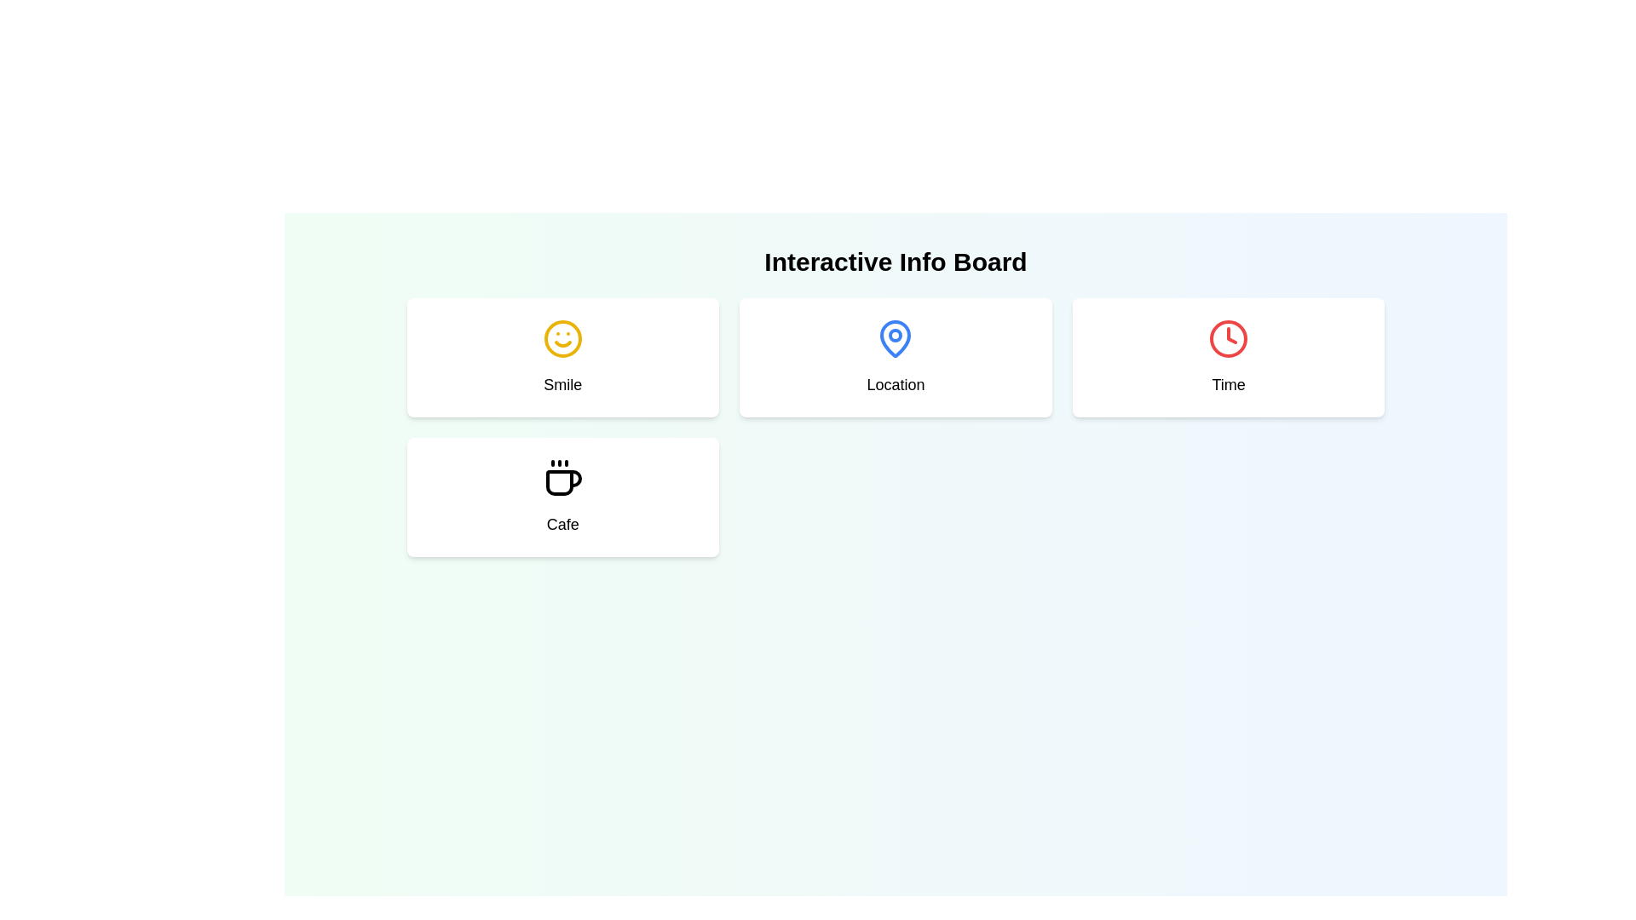 This screenshot has width=1636, height=920. What do you see at coordinates (562, 338) in the screenshot?
I see `the circular graphical element with a yellow stroke and a smiley face design located at the top-left of the grid layout` at bounding box center [562, 338].